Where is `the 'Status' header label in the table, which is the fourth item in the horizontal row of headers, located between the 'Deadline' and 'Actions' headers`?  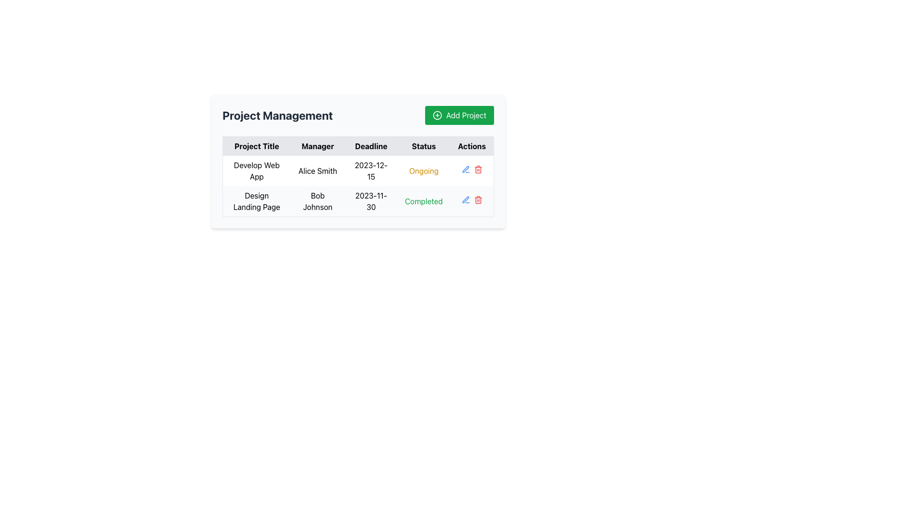
the 'Status' header label in the table, which is the fourth item in the horizontal row of headers, located between the 'Deadline' and 'Actions' headers is located at coordinates (423, 146).